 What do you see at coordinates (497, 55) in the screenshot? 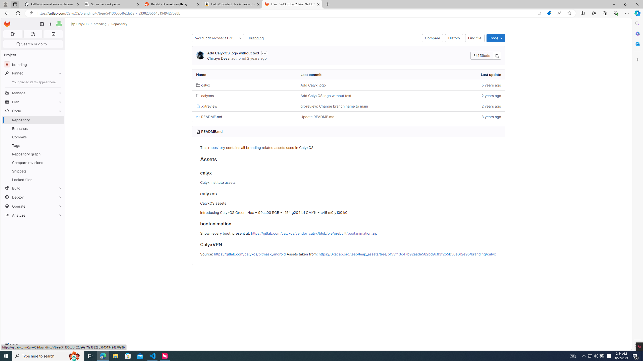
I see `'Copy commit SHA'` at bounding box center [497, 55].